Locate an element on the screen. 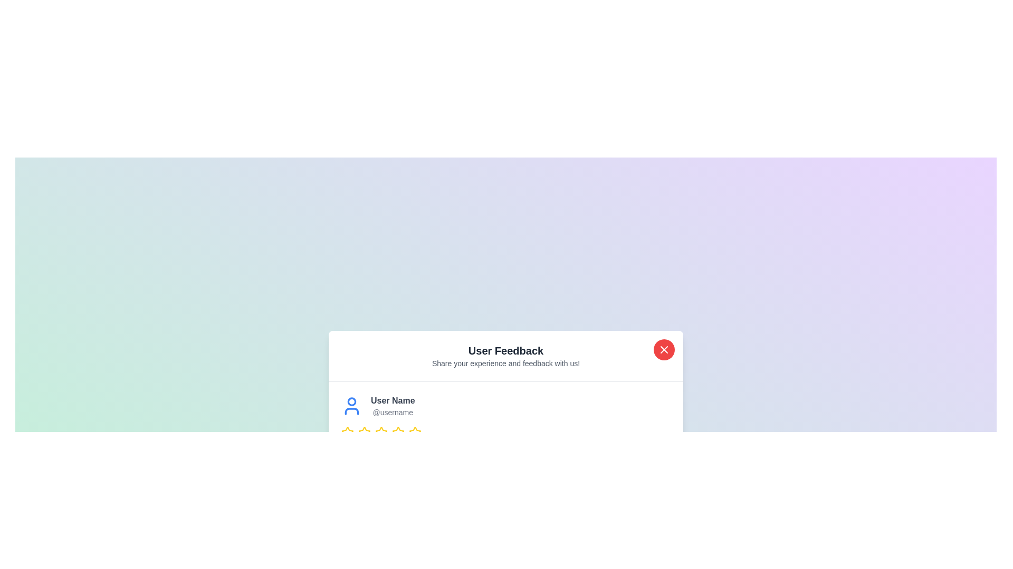 The height and width of the screenshot is (569, 1013). the fourth star icon in the horizontal row of five stars is located at coordinates (381, 432).